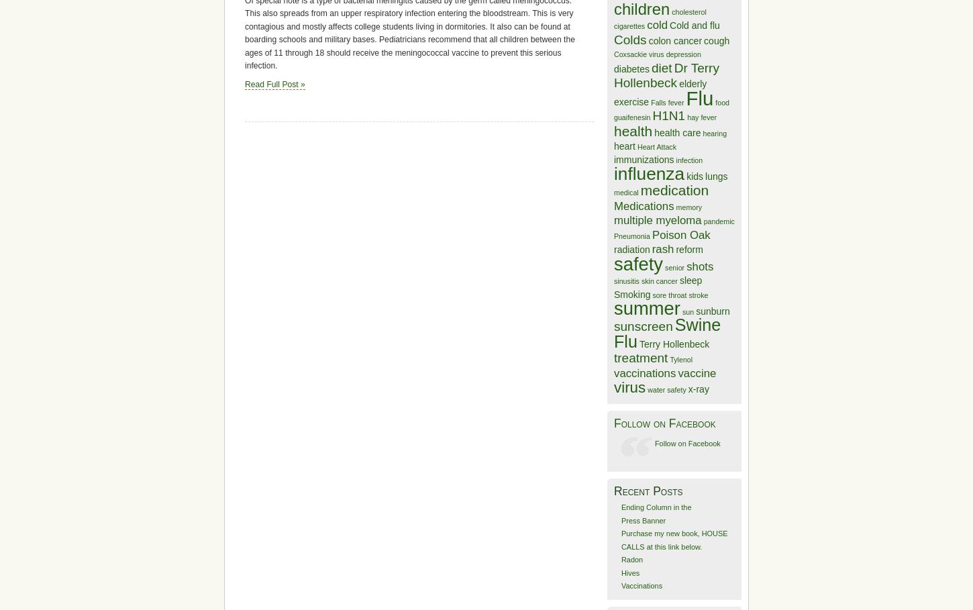 Image resolution: width=973 pixels, height=610 pixels. What do you see at coordinates (658, 220) in the screenshot?
I see `'multiple myeloma'` at bounding box center [658, 220].